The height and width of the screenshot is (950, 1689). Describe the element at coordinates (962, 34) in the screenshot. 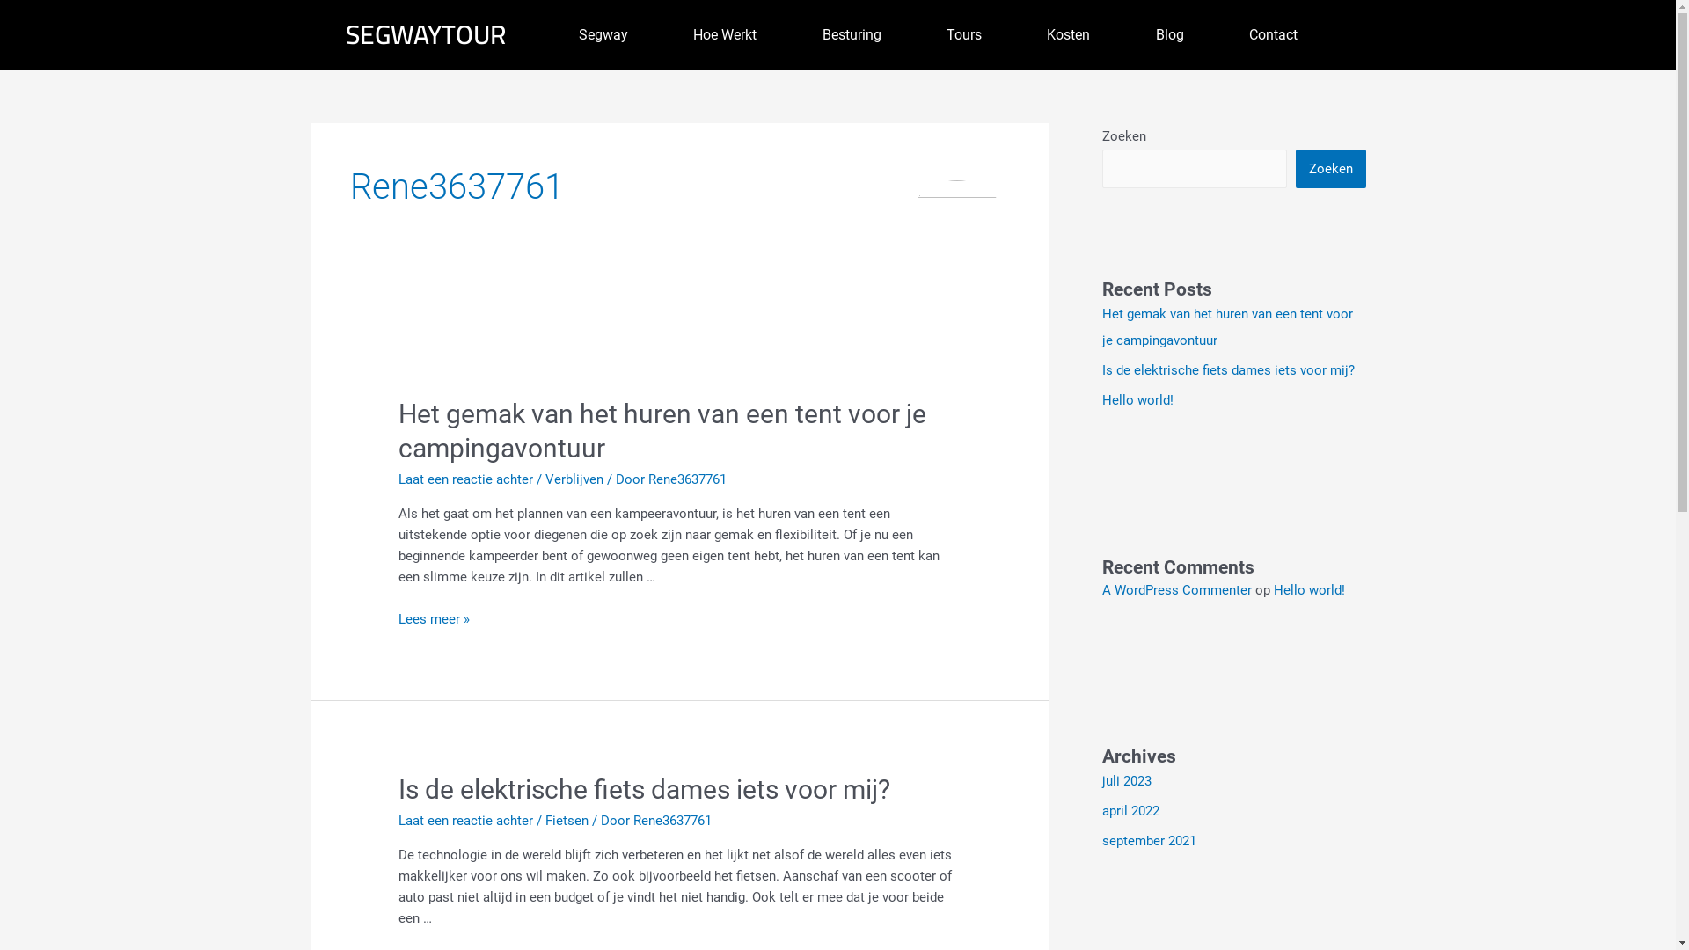

I see `'Tours'` at that location.